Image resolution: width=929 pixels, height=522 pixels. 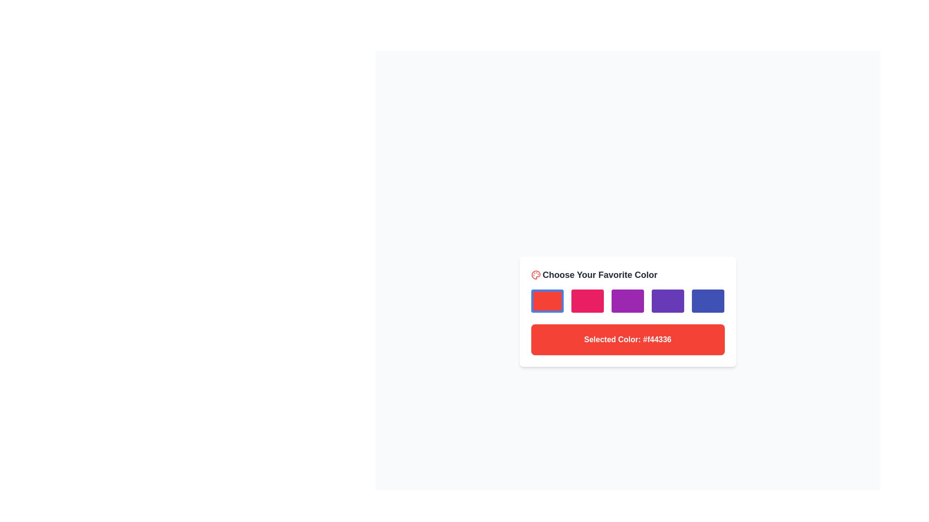 What do you see at coordinates (667, 301) in the screenshot?
I see `the fourth button from the left in the row of color buttons with a purple background` at bounding box center [667, 301].